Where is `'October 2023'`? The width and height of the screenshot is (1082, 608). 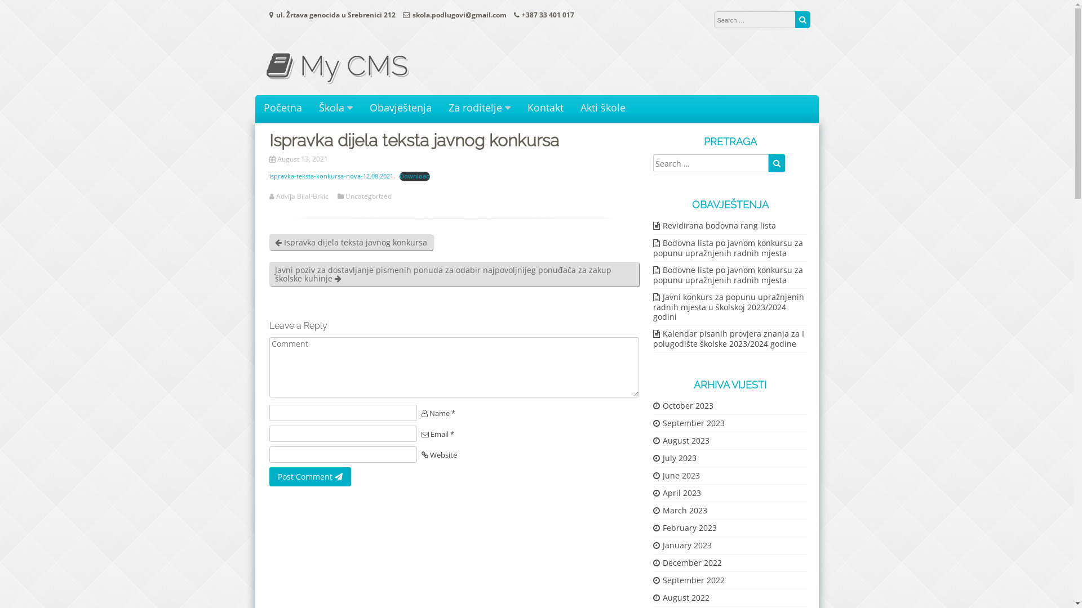 'October 2023' is located at coordinates (682, 405).